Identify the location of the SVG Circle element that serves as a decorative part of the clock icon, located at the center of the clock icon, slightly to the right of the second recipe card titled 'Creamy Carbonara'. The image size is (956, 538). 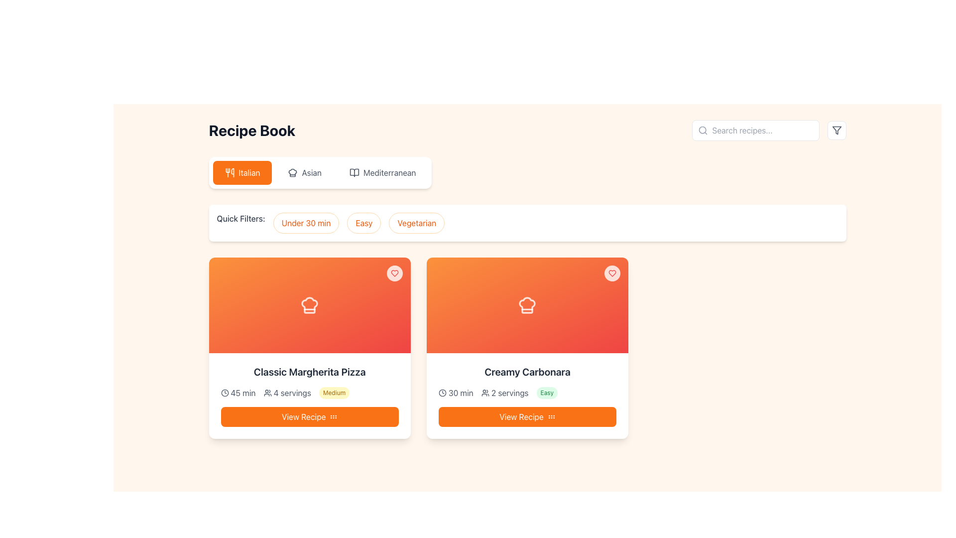
(442, 393).